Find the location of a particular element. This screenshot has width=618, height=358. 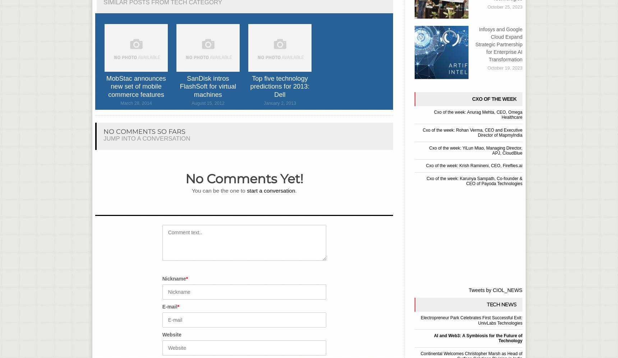

'Electropreneur Park Celebrates First Successful Exit: UnivLabs Technologies' is located at coordinates (471, 320).